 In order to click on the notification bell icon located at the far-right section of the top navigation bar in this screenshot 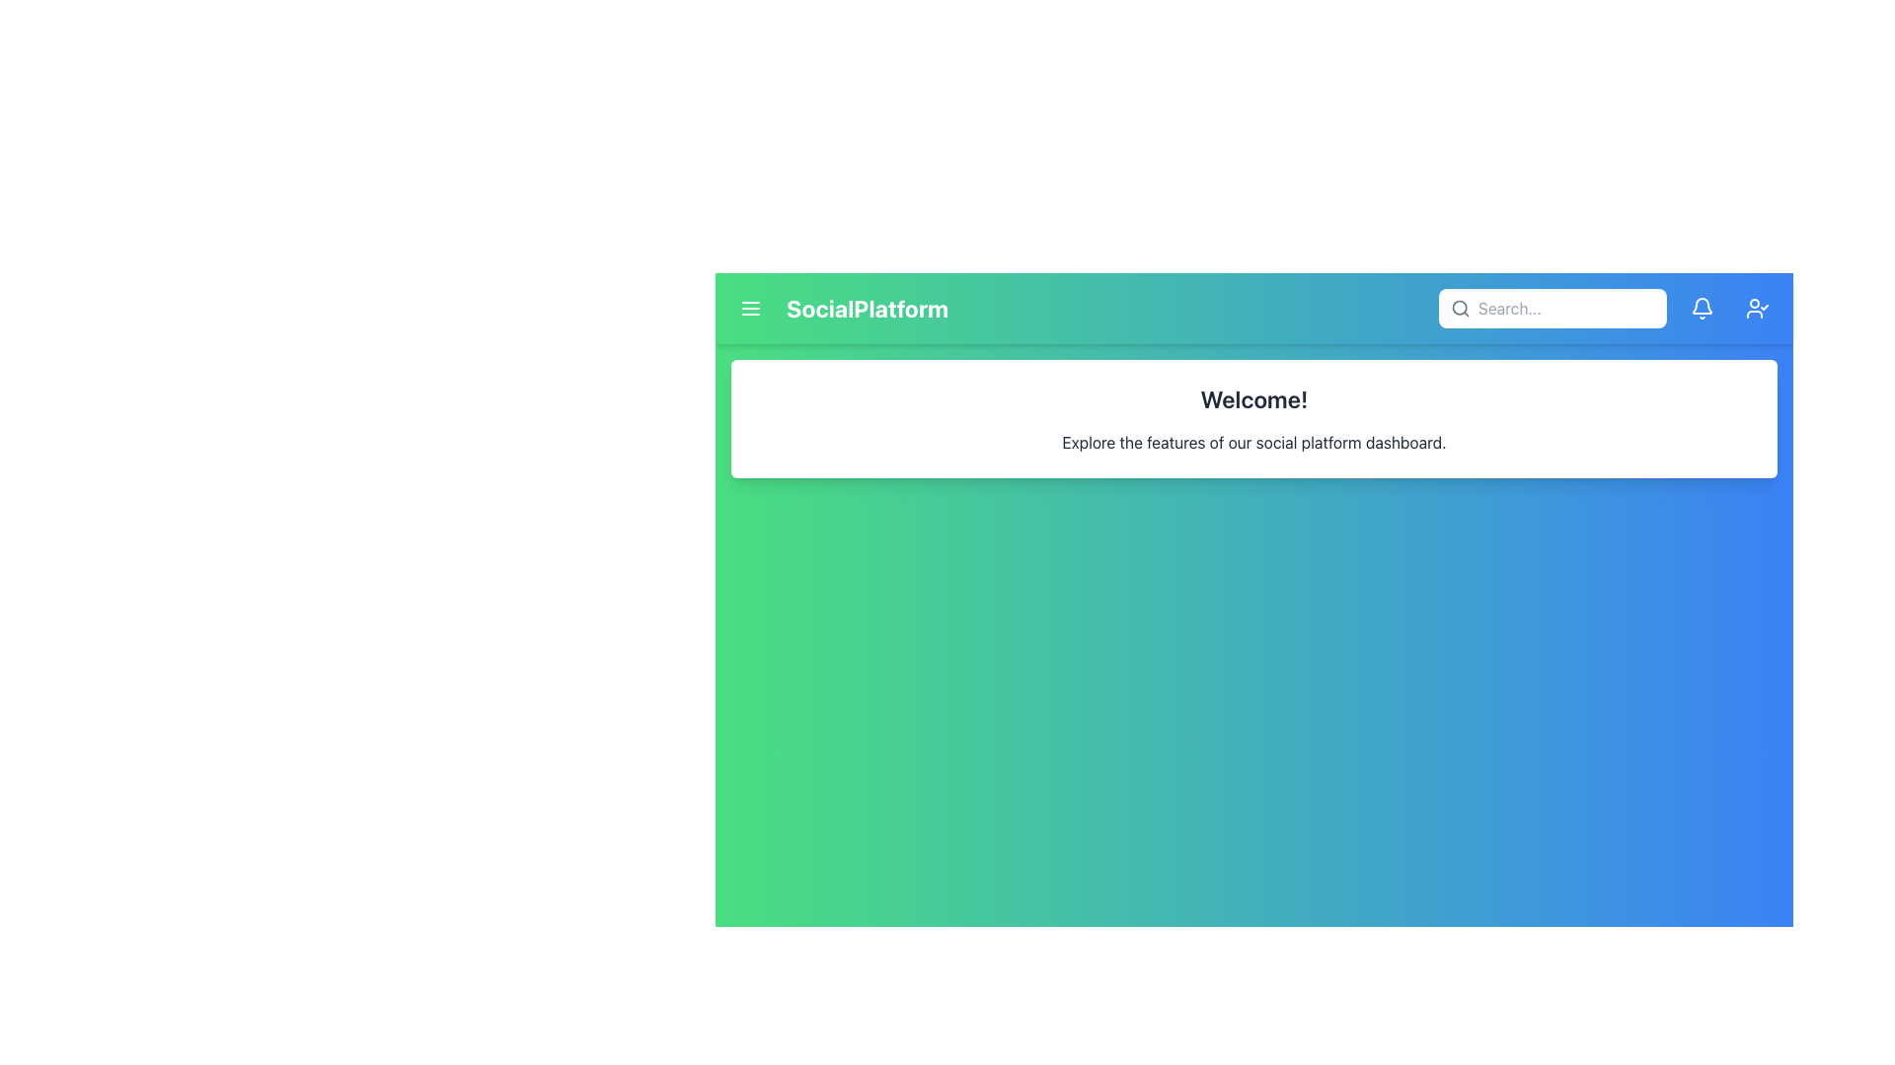, I will do `click(1701, 308)`.